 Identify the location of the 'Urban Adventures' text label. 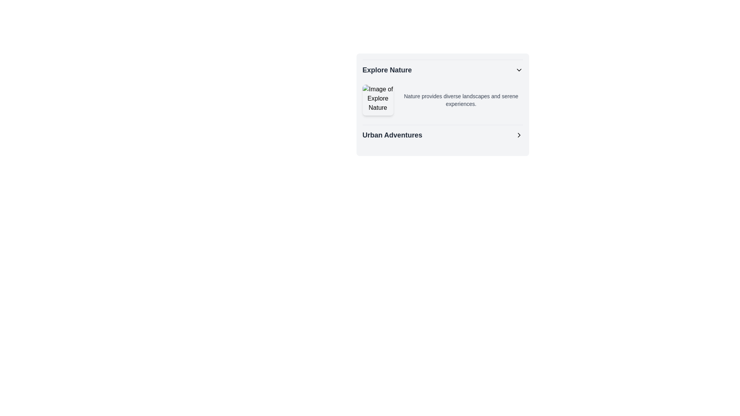
(392, 135).